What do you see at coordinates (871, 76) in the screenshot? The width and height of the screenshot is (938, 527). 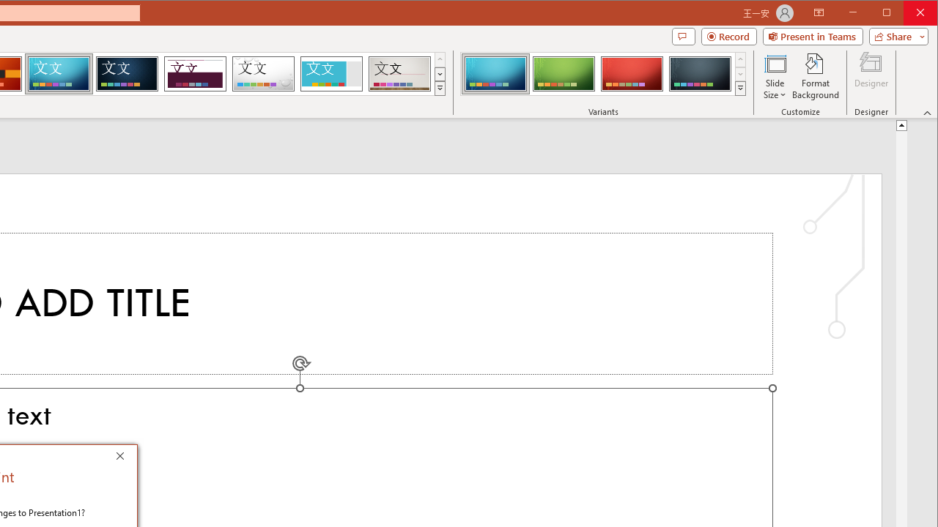 I see `'Designer'` at bounding box center [871, 76].